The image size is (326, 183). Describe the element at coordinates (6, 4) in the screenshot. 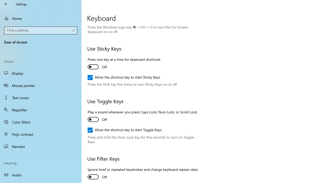

I see `'Back'` at that location.